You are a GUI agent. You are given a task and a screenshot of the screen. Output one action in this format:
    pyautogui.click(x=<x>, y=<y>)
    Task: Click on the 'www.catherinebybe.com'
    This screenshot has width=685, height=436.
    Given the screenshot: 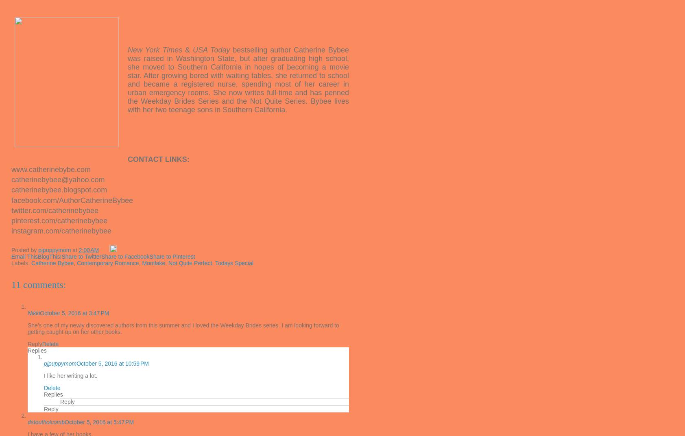 What is the action you would take?
    pyautogui.click(x=11, y=169)
    